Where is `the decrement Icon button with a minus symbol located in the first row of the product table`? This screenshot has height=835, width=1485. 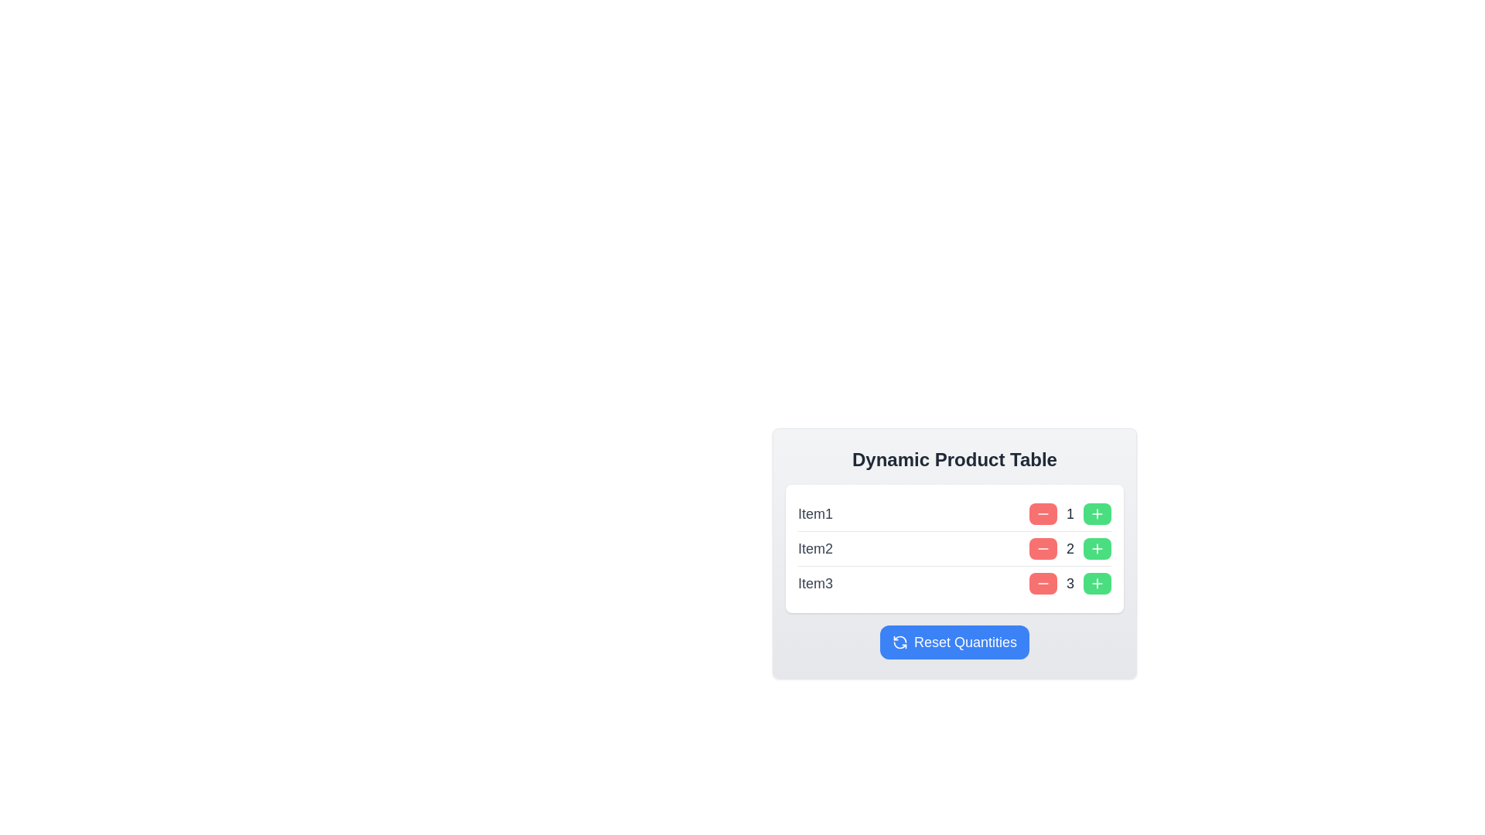
the decrement Icon button with a minus symbol located in the first row of the product table is located at coordinates (1043, 513).